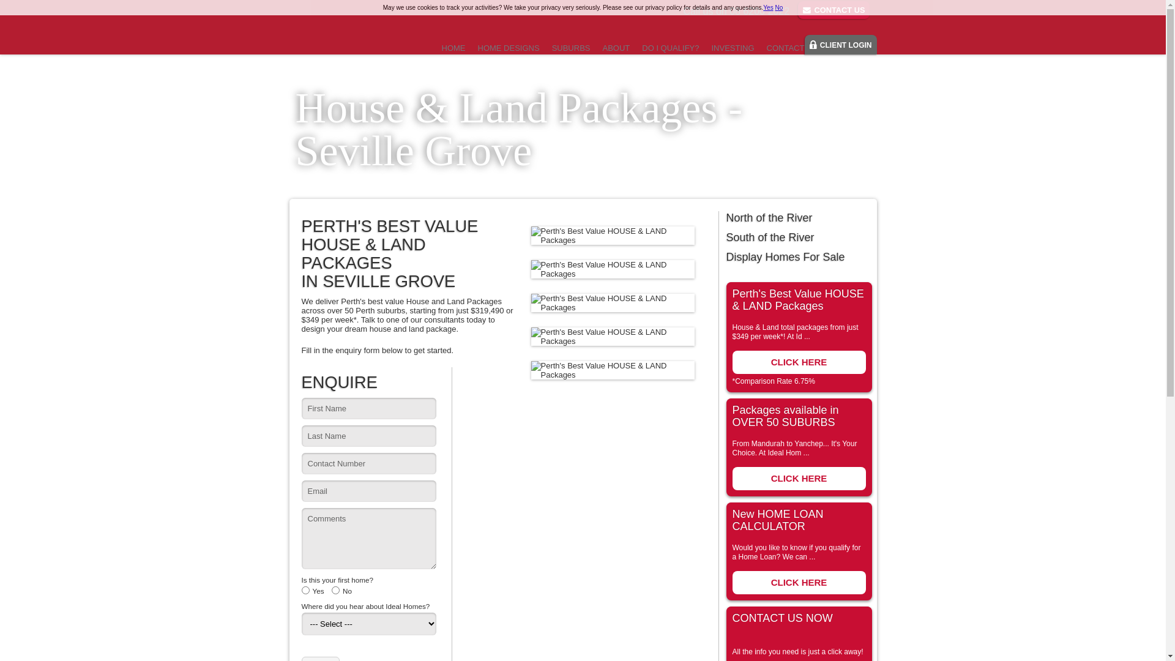 The height and width of the screenshot is (661, 1175). Describe the element at coordinates (798, 237) in the screenshot. I see `'South of the River'` at that location.